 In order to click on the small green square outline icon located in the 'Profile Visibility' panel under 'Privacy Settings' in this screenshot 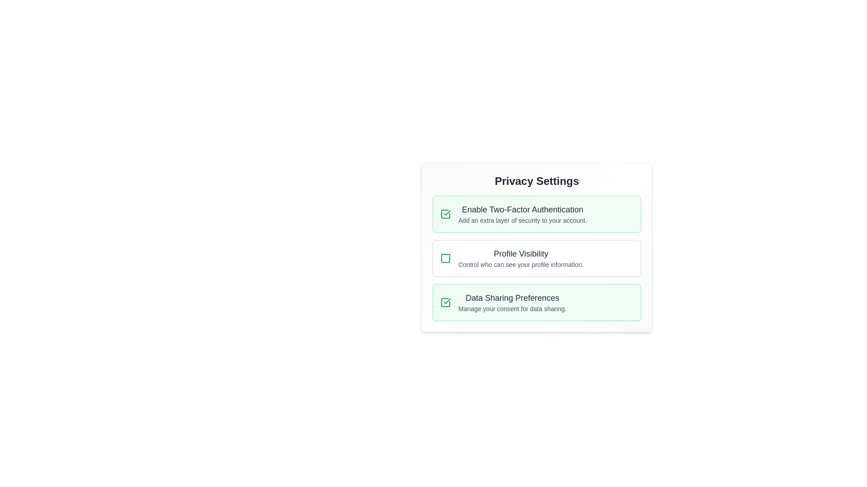, I will do `click(446, 258)`.